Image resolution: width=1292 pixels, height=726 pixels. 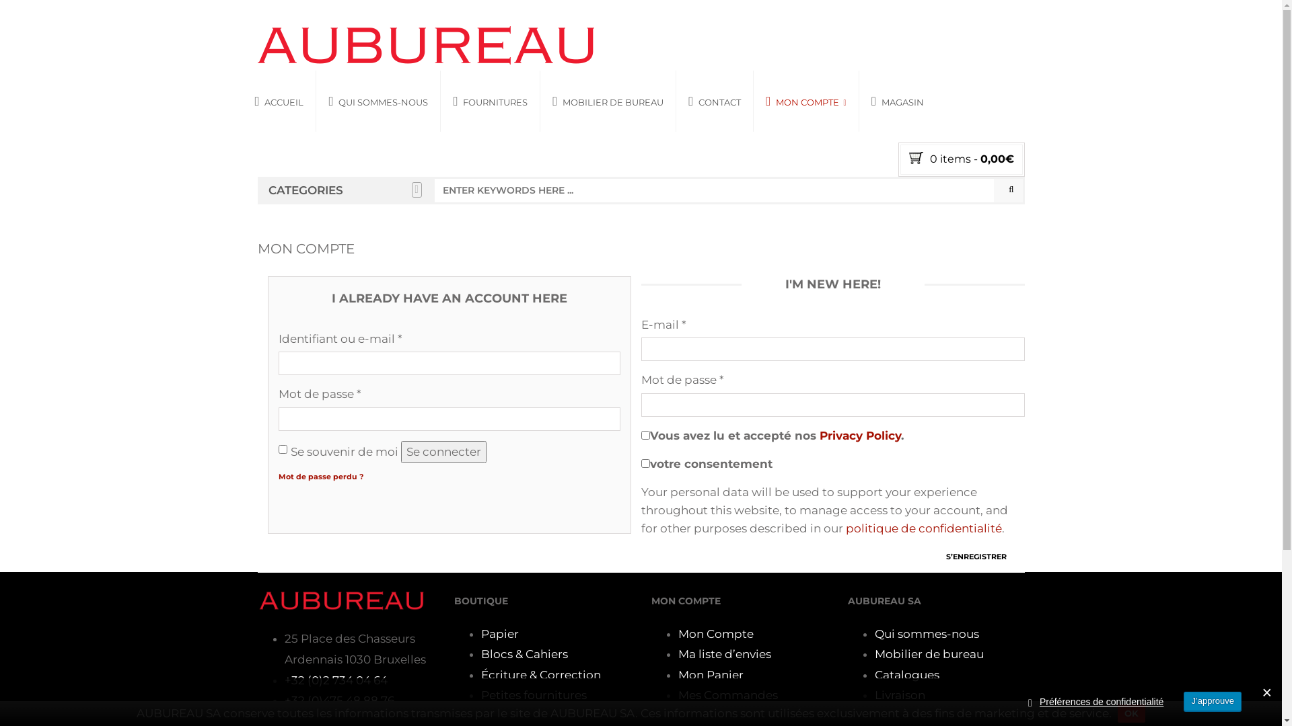 What do you see at coordinates (335, 680) in the screenshot?
I see `'+32 (0)2 734 04 64'` at bounding box center [335, 680].